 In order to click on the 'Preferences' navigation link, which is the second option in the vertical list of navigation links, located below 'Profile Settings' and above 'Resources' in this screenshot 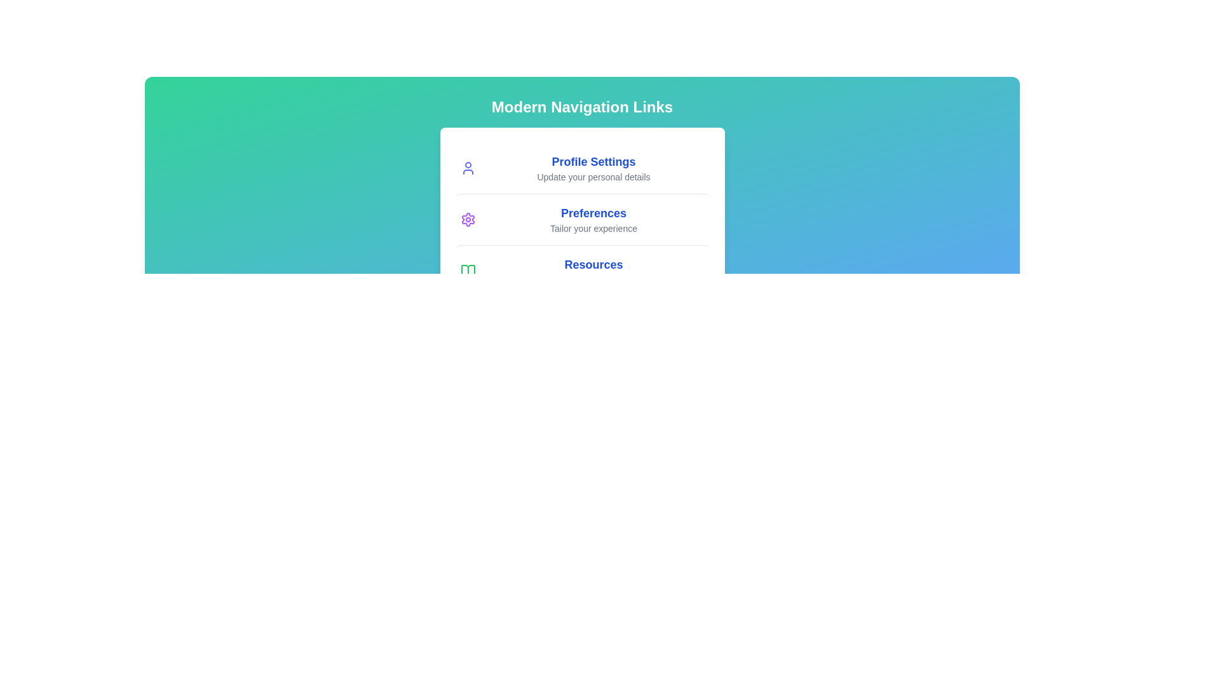, I will do `click(581, 219)`.